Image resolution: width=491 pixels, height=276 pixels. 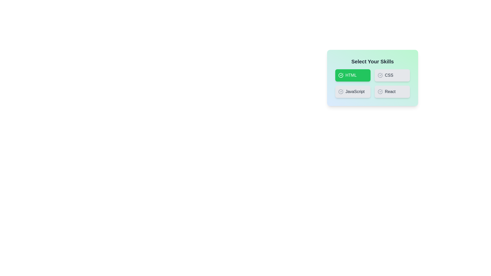 What do you see at coordinates (353, 75) in the screenshot?
I see `the skill button corresponding to HTML to toggle its selection state` at bounding box center [353, 75].